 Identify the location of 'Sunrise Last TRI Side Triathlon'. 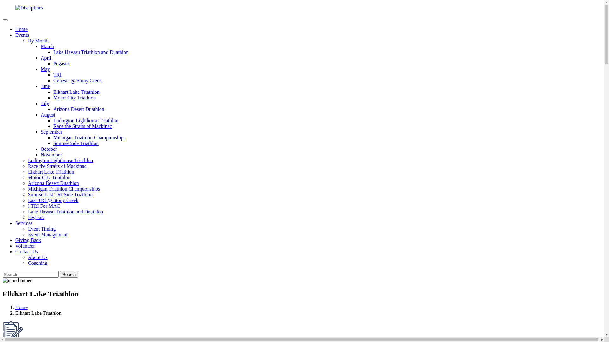
(60, 194).